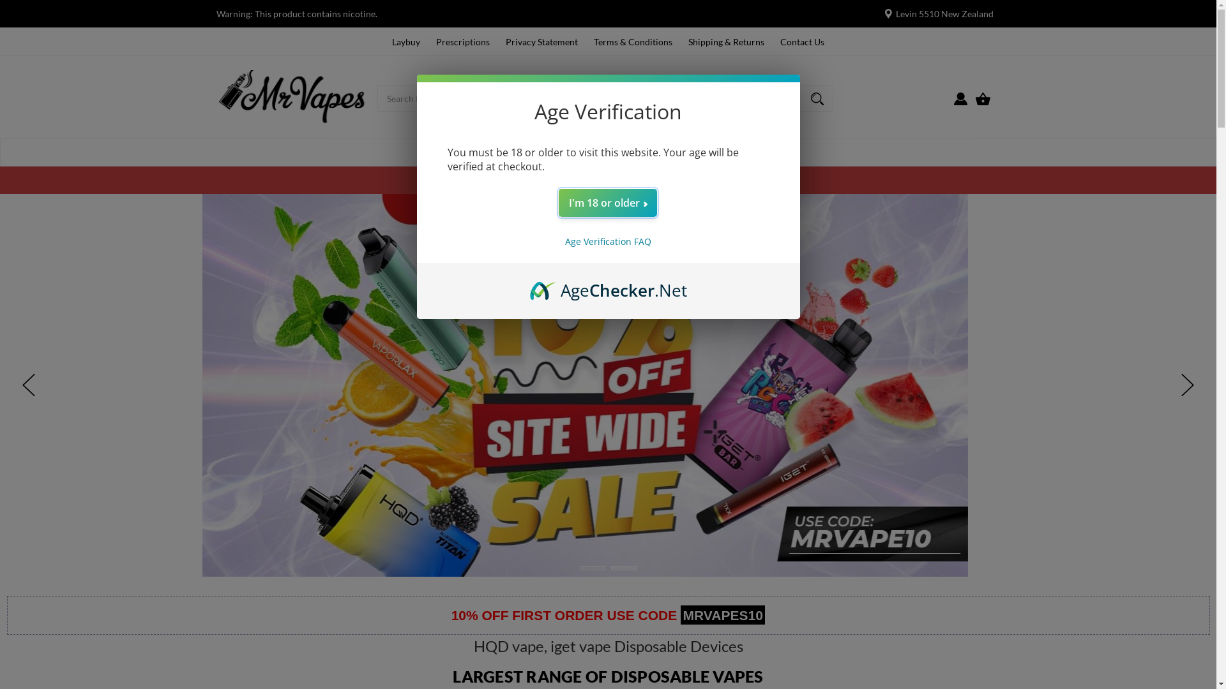 The image size is (1226, 689). I want to click on 'Mrvapes', so click(292, 96).